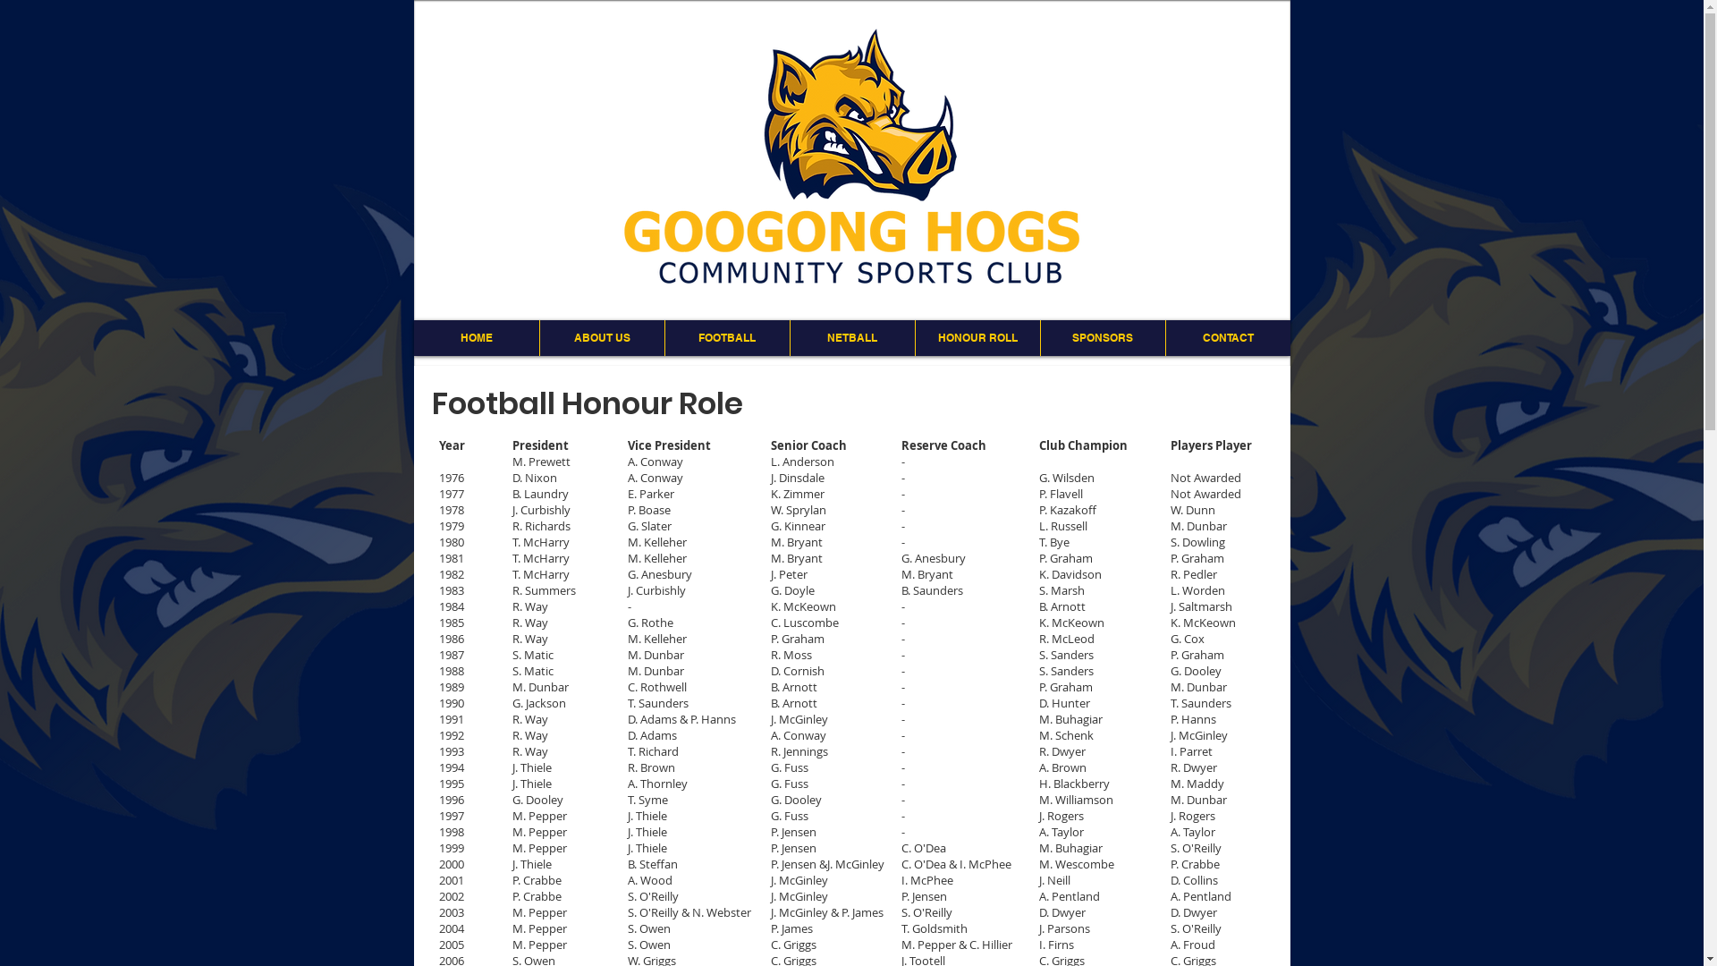 This screenshot has height=966, width=1717. Describe the element at coordinates (1226, 338) in the screenshot. I see `'CONTACT'` at that location.